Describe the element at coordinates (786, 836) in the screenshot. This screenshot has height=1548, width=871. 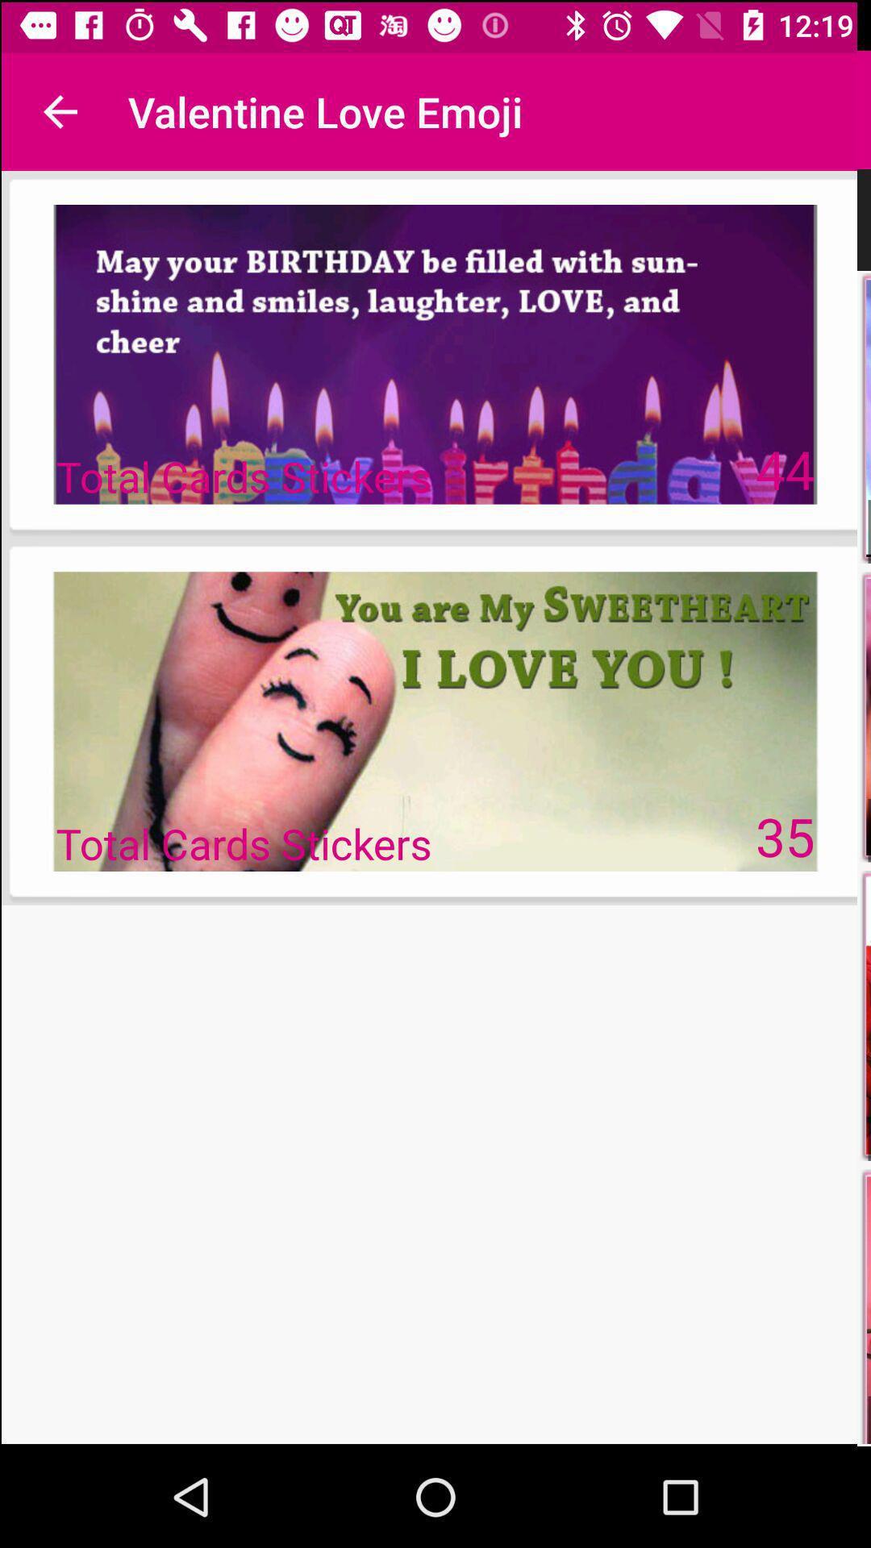
I see `icon to the right of the total cards stickers item` at that location.